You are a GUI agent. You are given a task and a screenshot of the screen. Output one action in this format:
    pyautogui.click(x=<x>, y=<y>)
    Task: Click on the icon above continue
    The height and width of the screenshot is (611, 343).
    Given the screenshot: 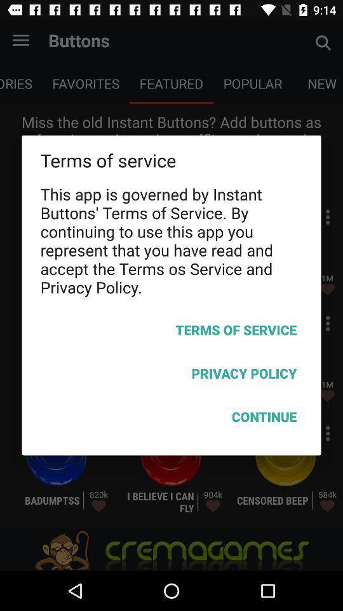 What is the action you would take?
    pyautogui.click(x=171, y=376)
    